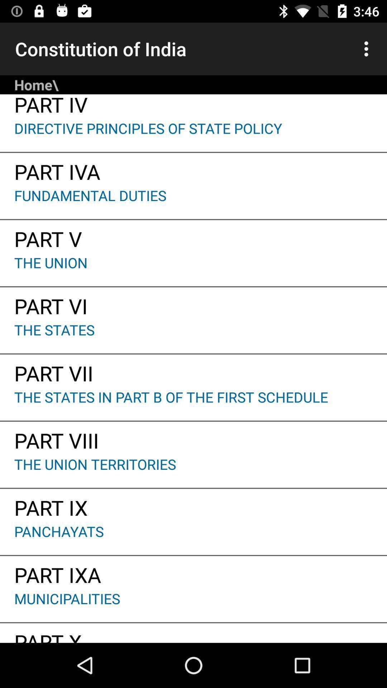 The height and width of the screenshot is (688, 387). What do you see at coordinates (193, 236) in the screenshot?
I see `the part v` at bounding box center [193, 236].